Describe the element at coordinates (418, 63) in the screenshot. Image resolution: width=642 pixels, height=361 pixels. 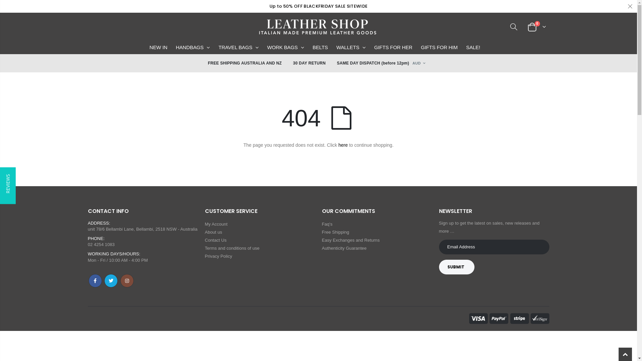
I see `'AUD'` at that location.